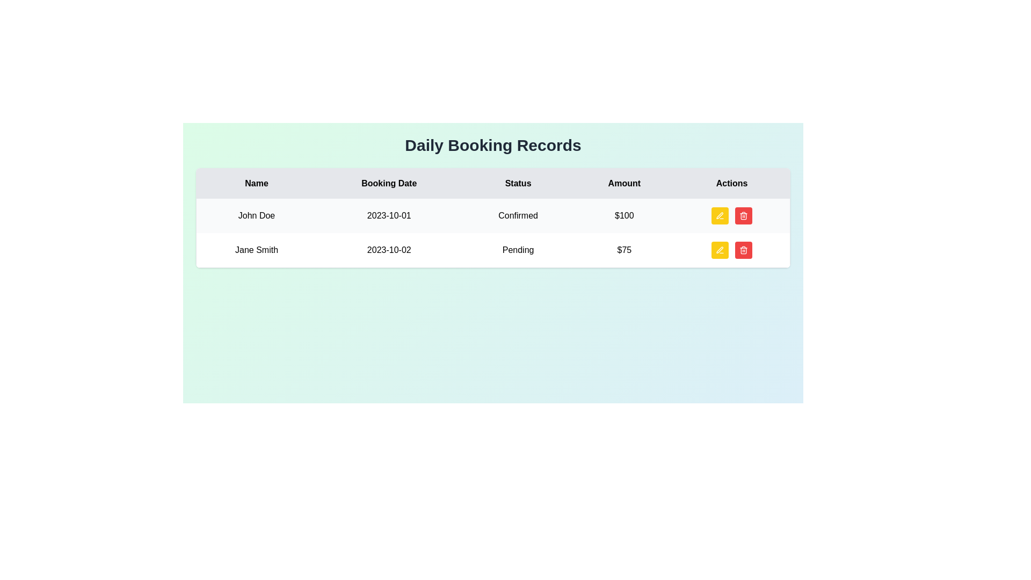  I want to click on the delete button located in the second row of the table under the 'Actions' column, positioned to the right of the yellow button, so click(743, 215).